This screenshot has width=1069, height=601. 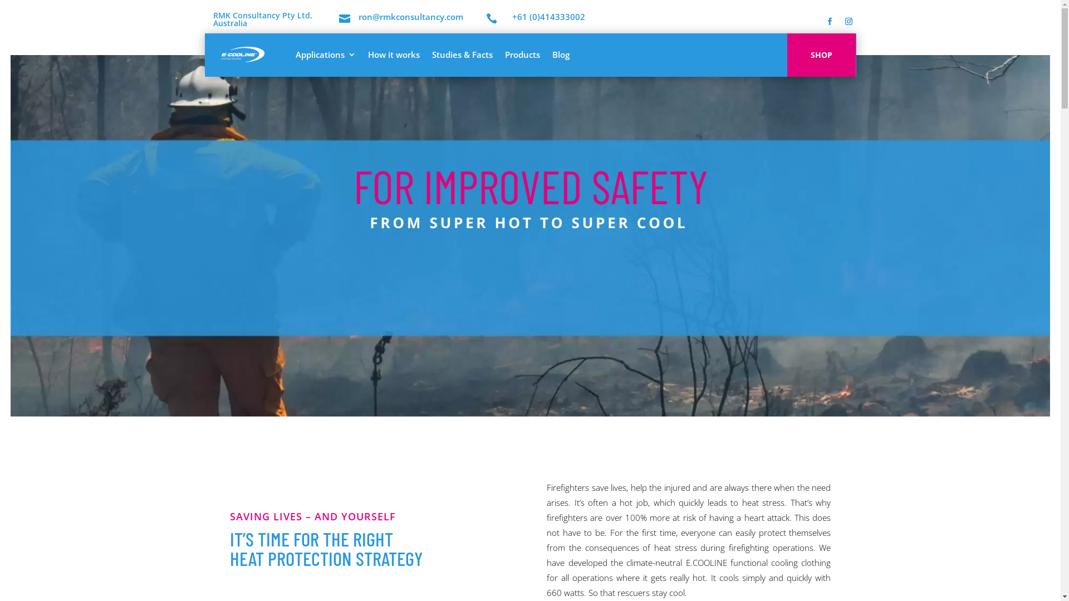 What do you see at coordinates (410, 17) in the screenshot?
I see `'ron@rmkconsultancy.com'` at bounding box center [410, 17].